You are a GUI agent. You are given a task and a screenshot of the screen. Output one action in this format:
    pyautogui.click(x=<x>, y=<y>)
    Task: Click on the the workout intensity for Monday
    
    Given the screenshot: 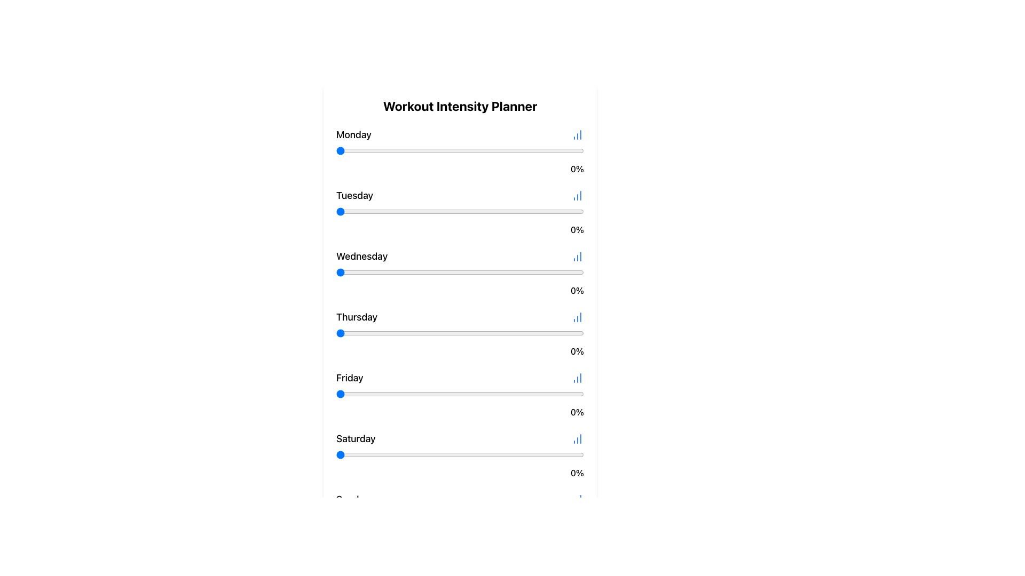 What is the action you would take?
    pyautogui.click(x=563, y=150)
    